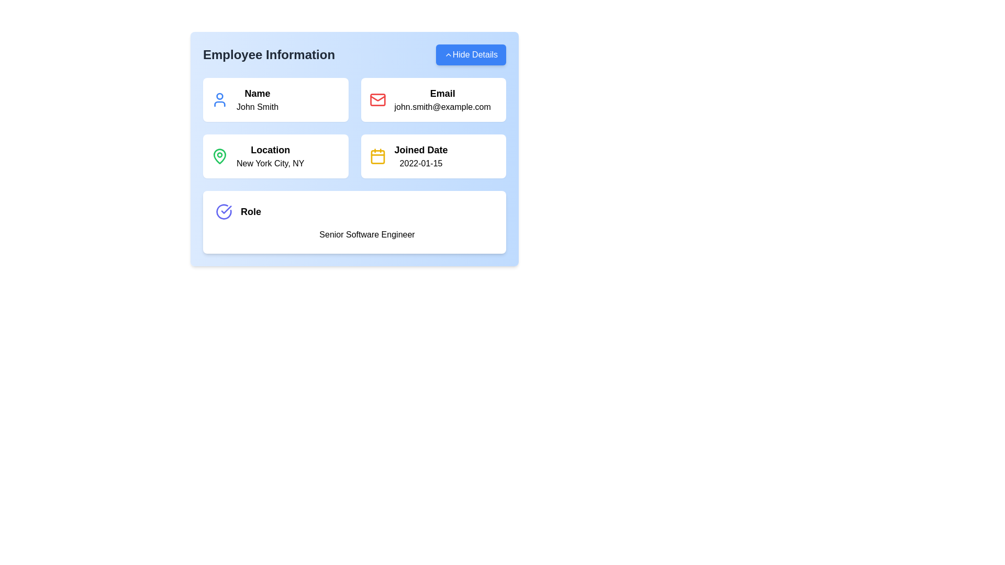 This screenshot has height=565, width=1005. What do you see at coordinates (377, 156) in the screenshot?
I see `the yellow calendar icon located to the left of the 'Joined Date' text in the 'Employee Information' card` at bounding box center [377, 156].